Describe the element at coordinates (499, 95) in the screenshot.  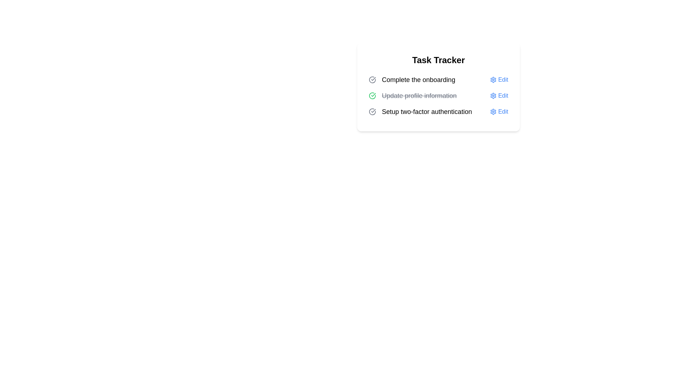
I see `the 'Edit' button for the task 'Update profile information'` at that location.